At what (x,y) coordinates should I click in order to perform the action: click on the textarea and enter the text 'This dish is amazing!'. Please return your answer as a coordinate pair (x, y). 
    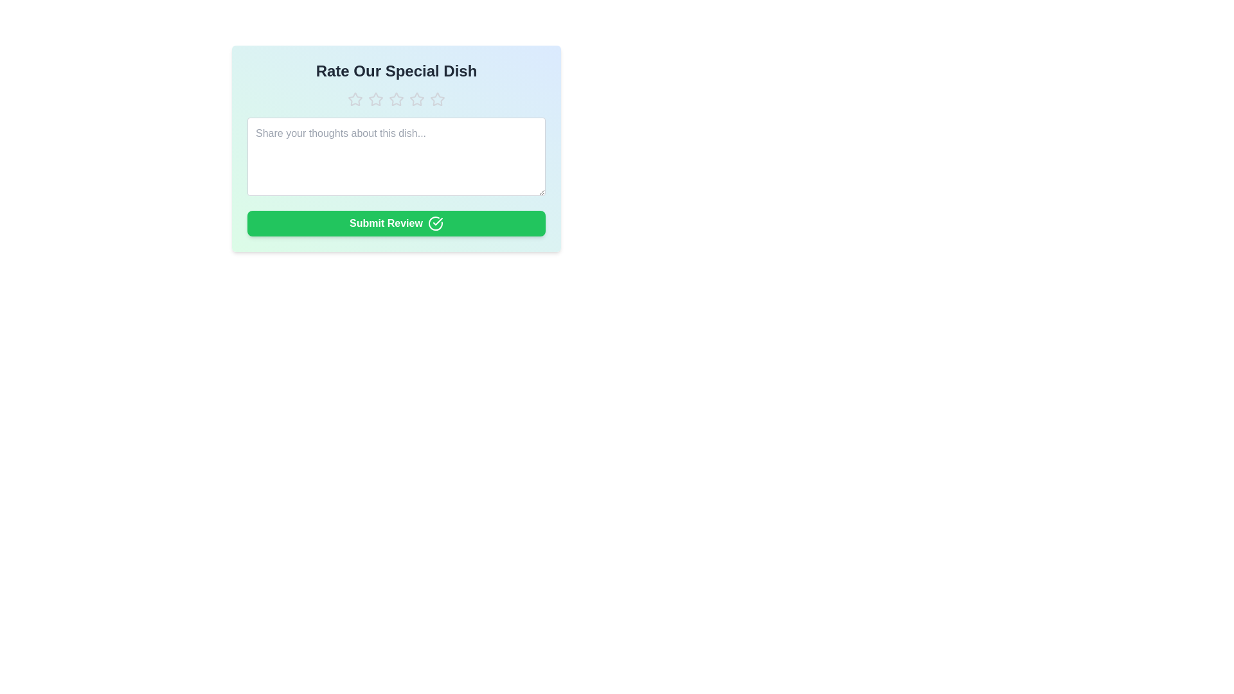
    Looking at the image, I should click on (396, 156).